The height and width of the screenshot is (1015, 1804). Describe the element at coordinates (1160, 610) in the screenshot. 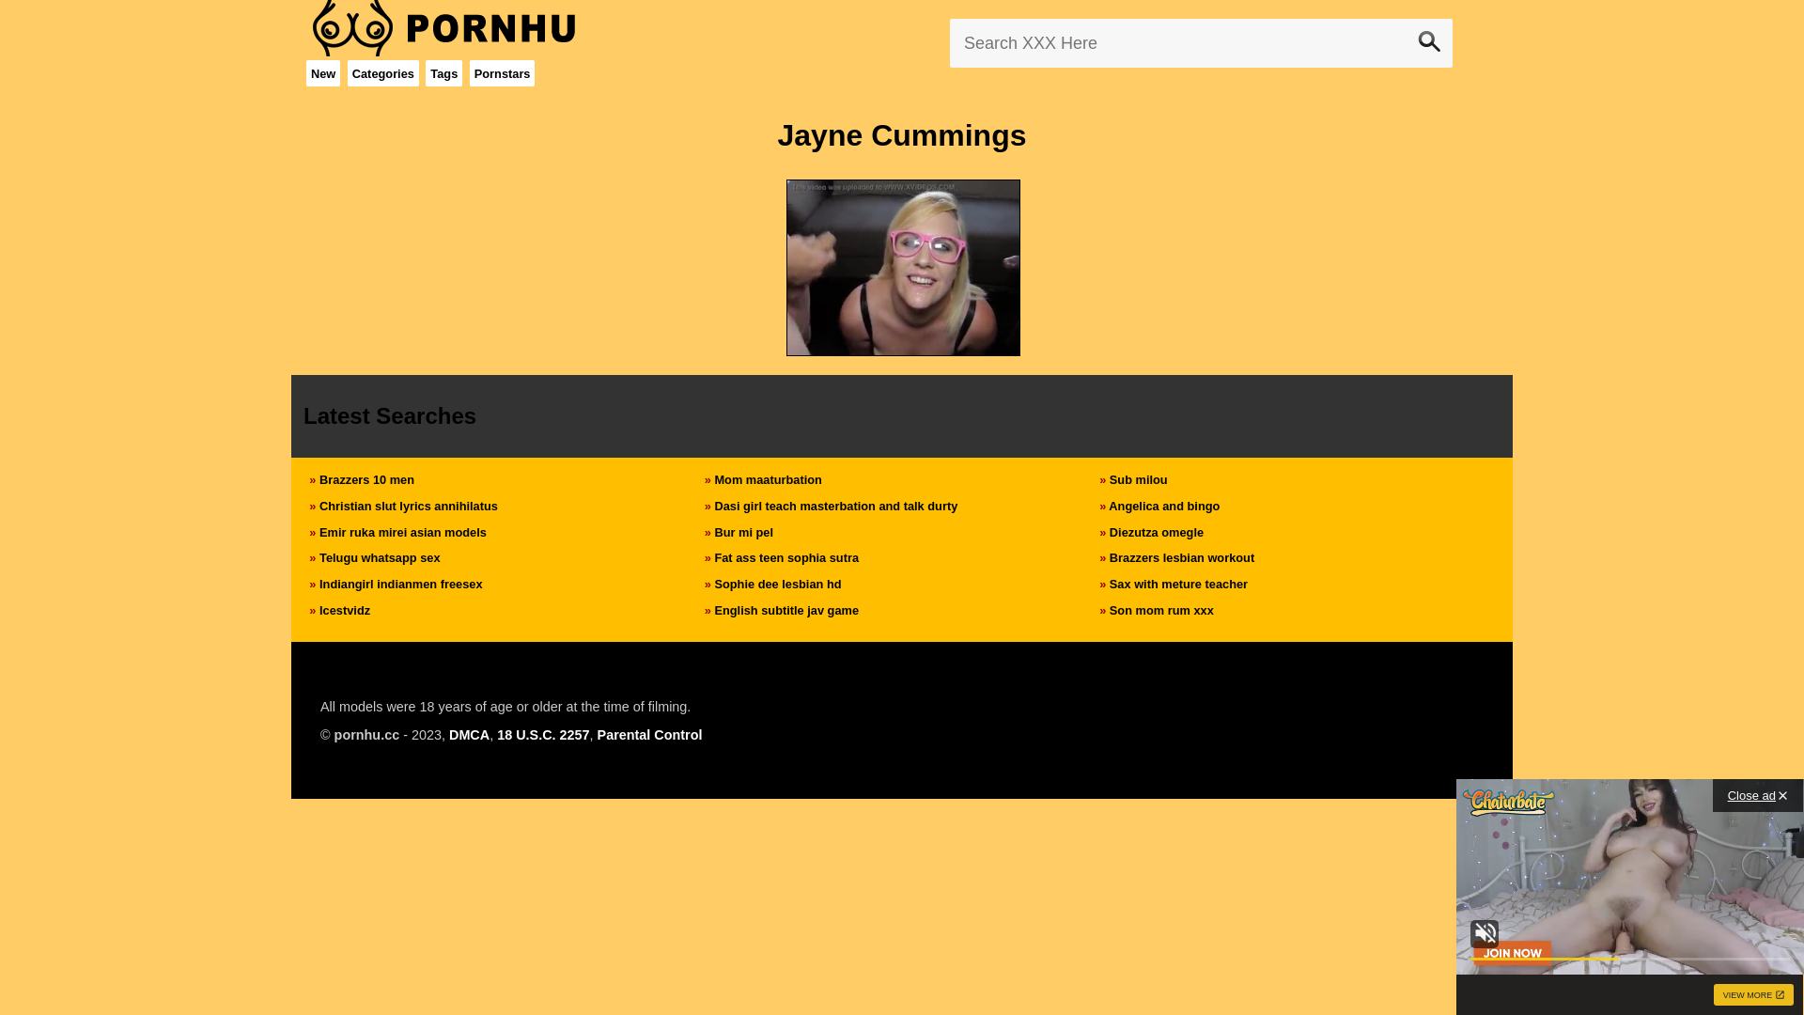

I see `'Son mom rum xxx'` at that location.